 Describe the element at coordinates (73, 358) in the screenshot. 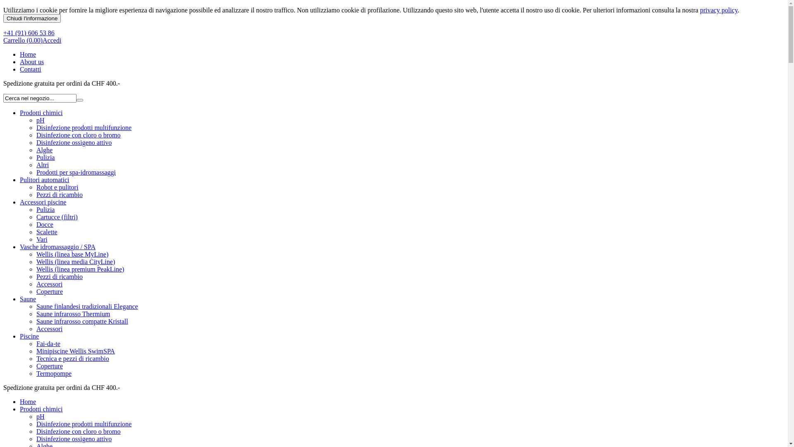

I see `'Tecnica e pezzi di ricambio'` at that location.